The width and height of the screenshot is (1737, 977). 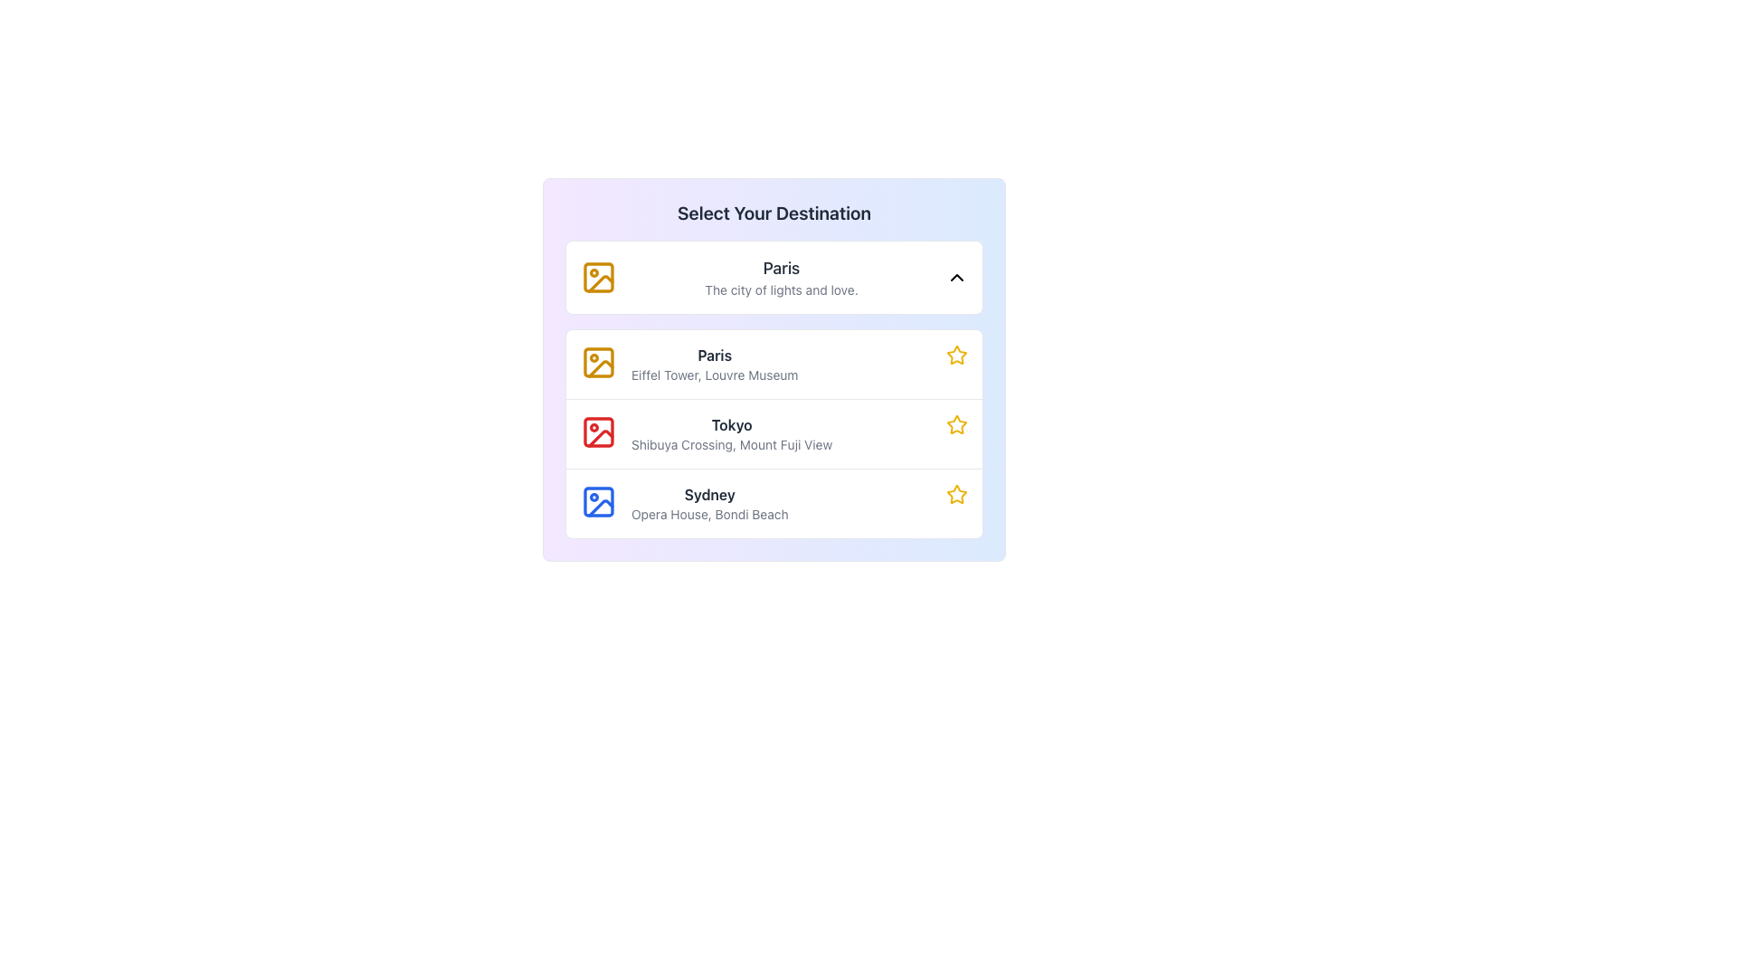 I want to click on the SVG Rectangle element representing a picture frame in the list item for 'Sydney', which has rounded corners and is styled in blue, so click(x=599, y=502).